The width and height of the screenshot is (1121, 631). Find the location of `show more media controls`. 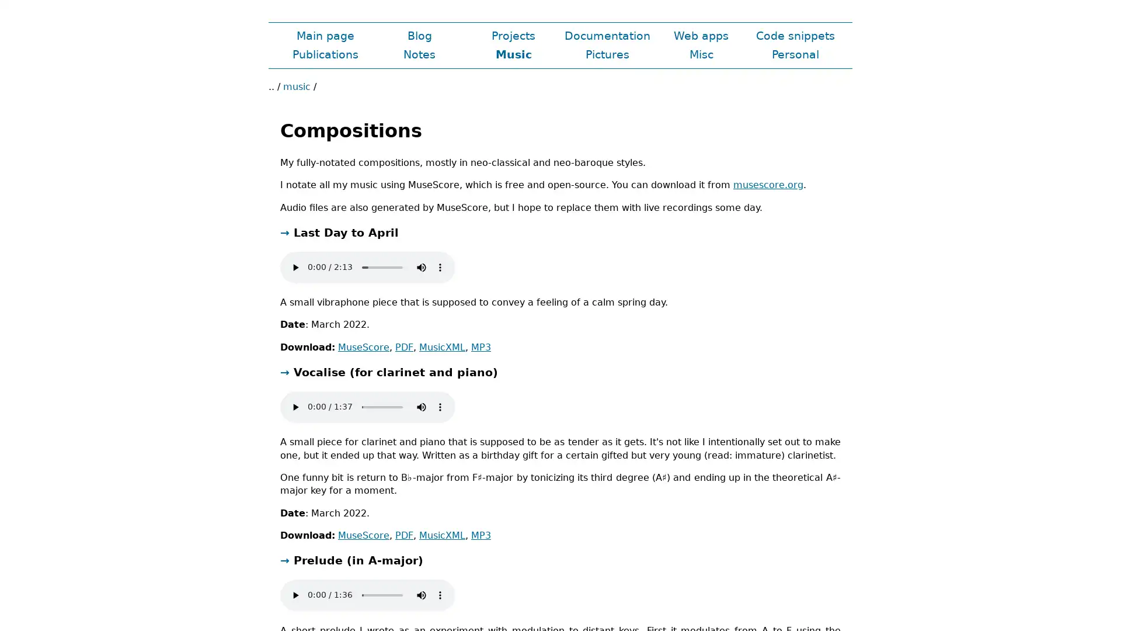

show more media controls is located at coordinates (439, 266).